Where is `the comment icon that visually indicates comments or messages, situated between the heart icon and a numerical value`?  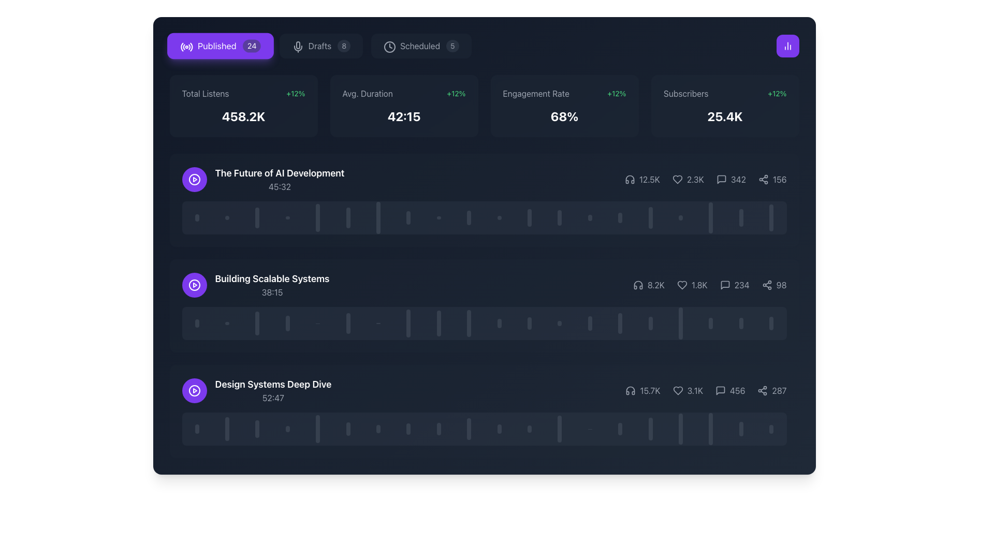 the comment icon that visually indicates comments or messages, situated between the heart icon and a numerical value is located at coordinates (721, 179).